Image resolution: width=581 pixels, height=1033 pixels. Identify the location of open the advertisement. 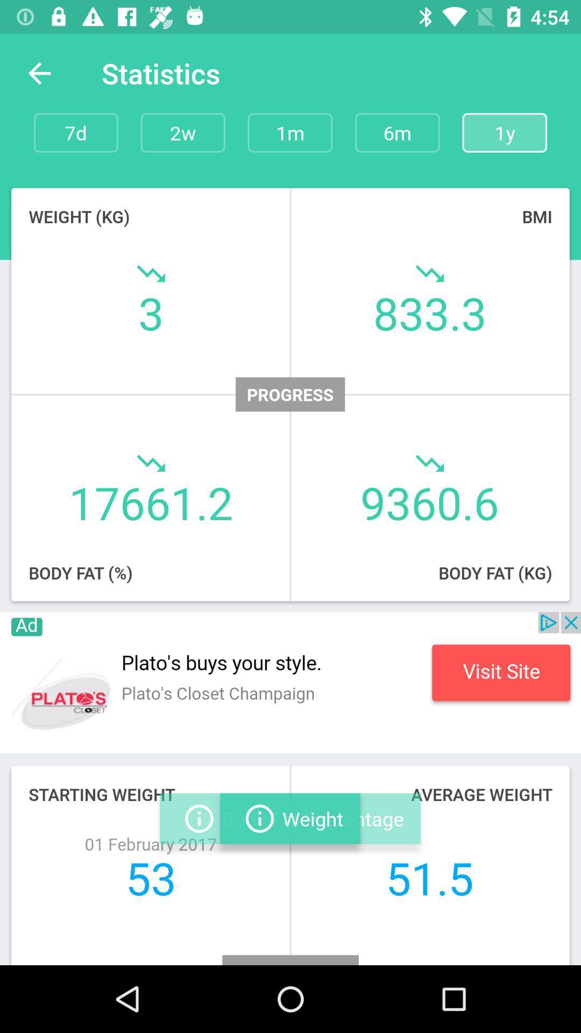
(290, 682).